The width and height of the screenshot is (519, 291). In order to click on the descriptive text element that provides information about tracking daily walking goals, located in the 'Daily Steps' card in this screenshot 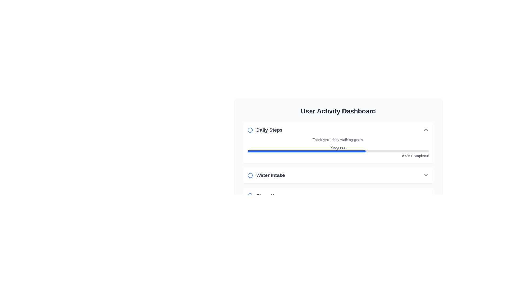, I will do `click(338, 140)`.